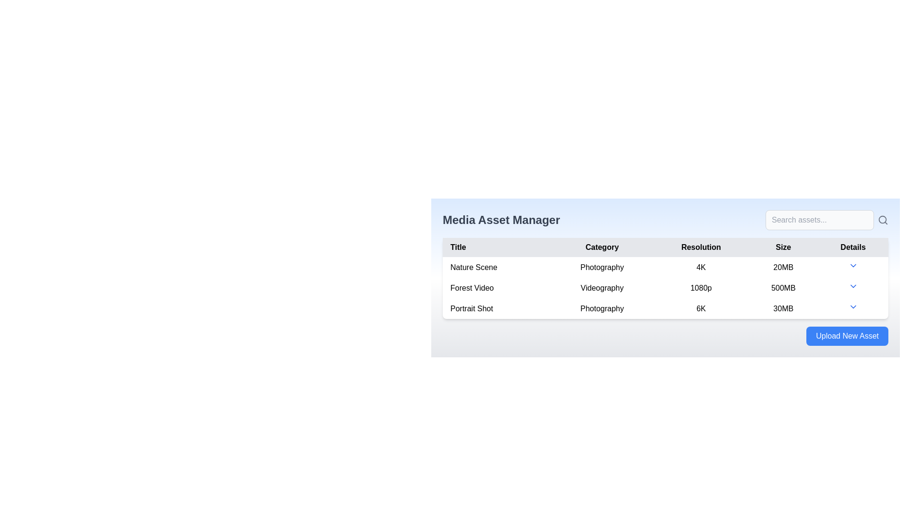 This screenshot has width=921, height=518. I want to click on the 'Size' header label in the table, which indicates the file size representation and is positioned between the 'Resolution' and 'Details' headers, so click(783, 247).